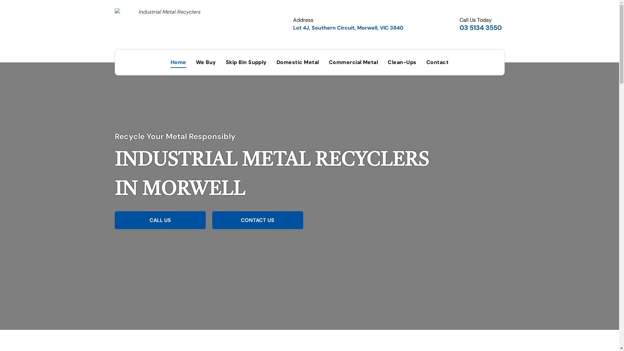  What do you see at coordinates (353, 62) in the screenshot?
I see `'Commercial Metal'` at bounding box center [353, 62].